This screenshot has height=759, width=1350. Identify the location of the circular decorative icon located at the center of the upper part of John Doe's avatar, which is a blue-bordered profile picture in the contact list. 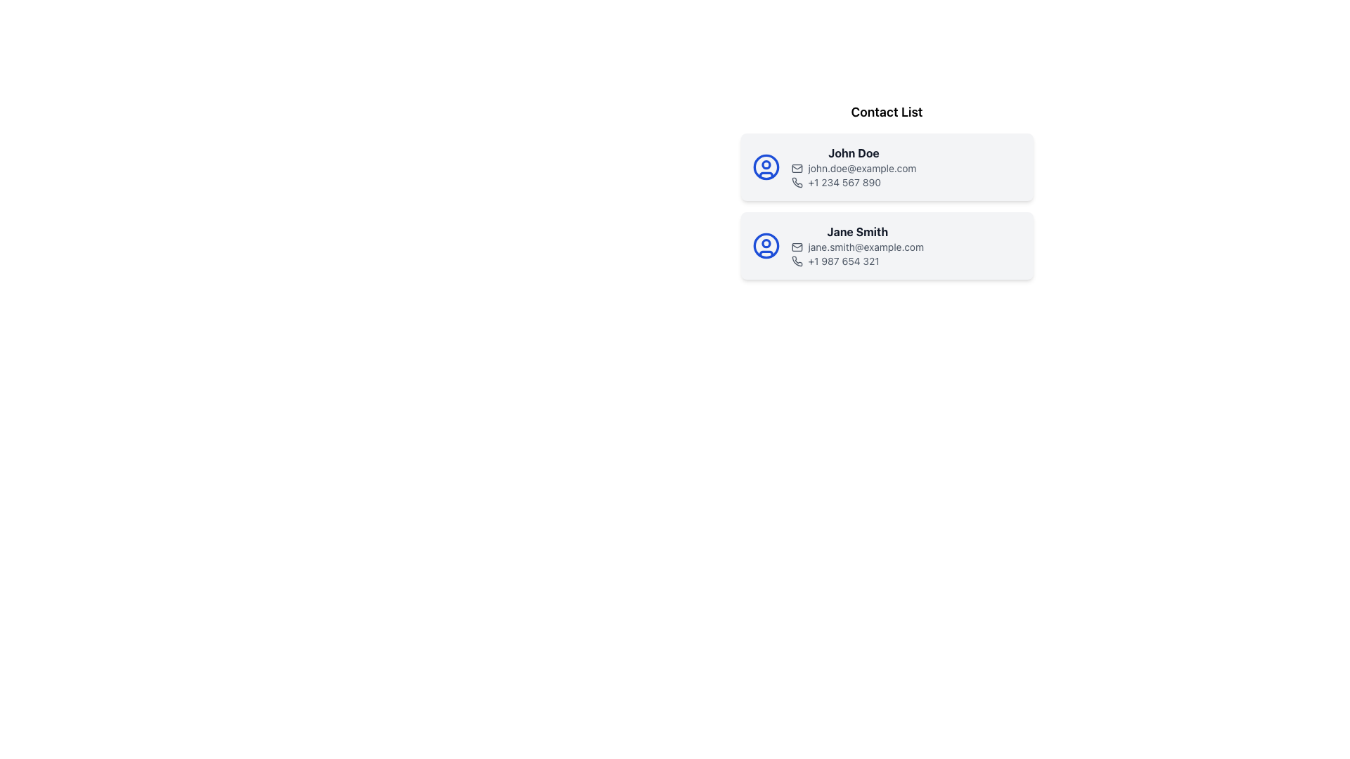
(765, 164).